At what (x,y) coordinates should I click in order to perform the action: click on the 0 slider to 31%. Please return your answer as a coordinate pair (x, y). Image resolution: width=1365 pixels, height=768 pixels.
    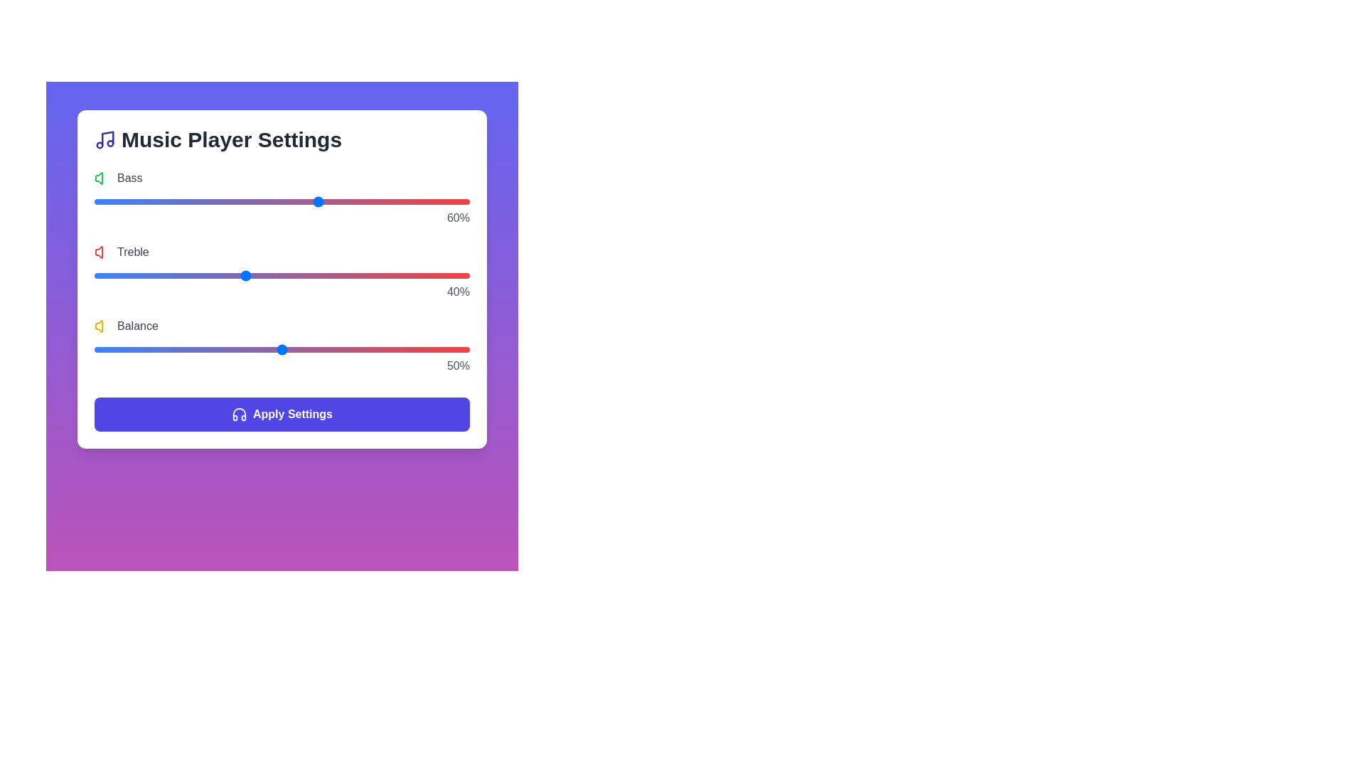
    Looking at the image, I should click on (210, 202).